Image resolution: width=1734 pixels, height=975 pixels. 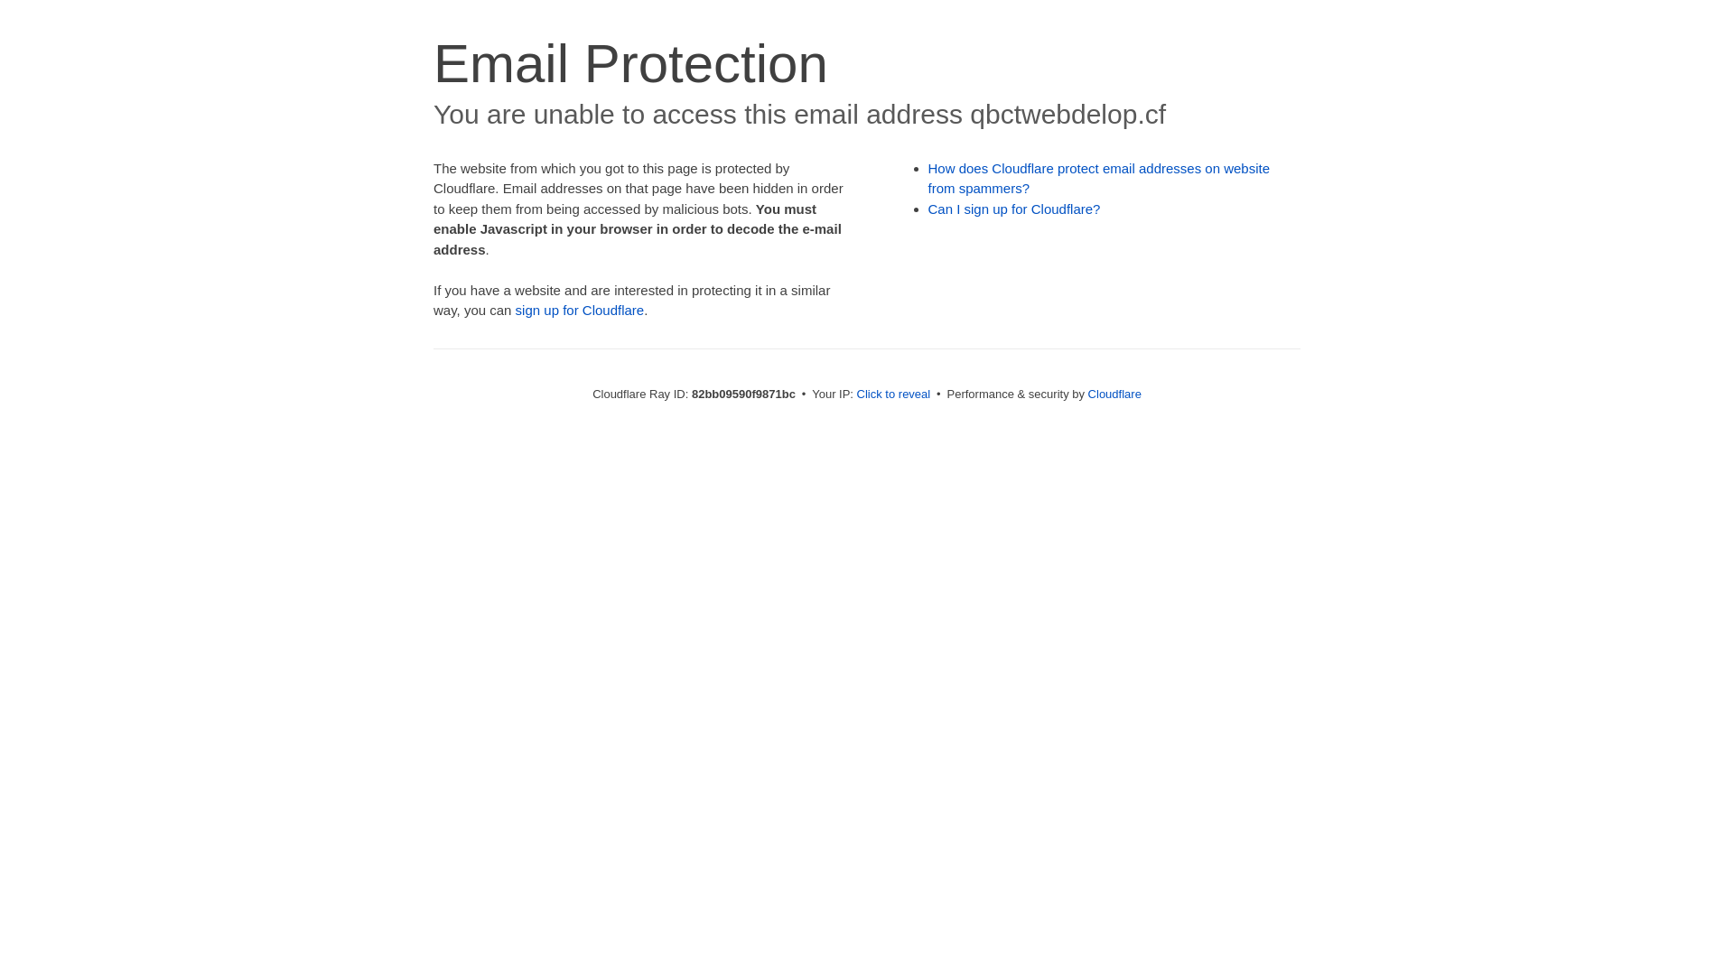 I want to click on 'sign up for Cloudflare', so click(x=515, y=309).